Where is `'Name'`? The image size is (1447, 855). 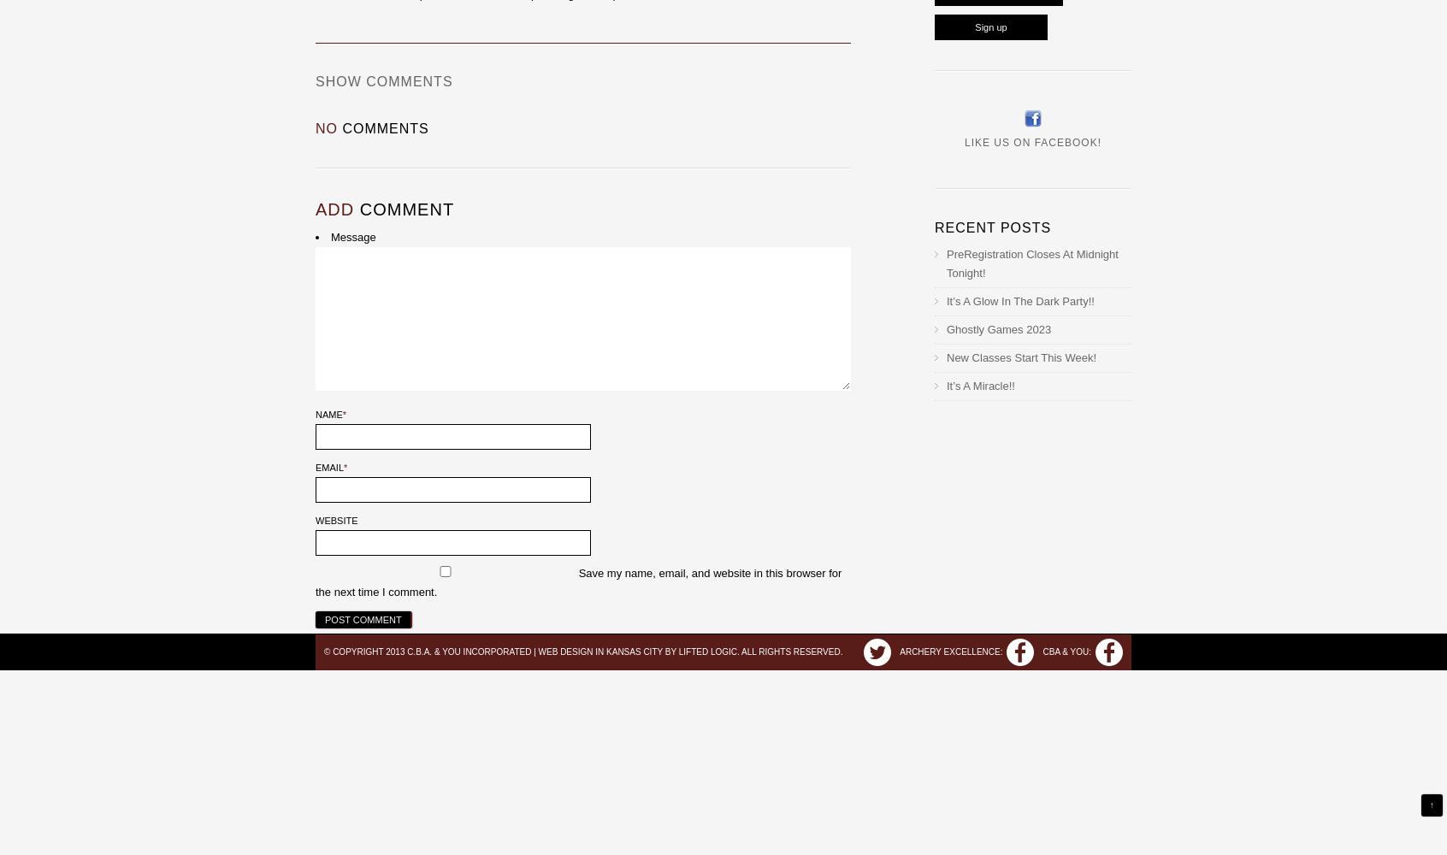
'Name' is located at coordinates (328, 414).